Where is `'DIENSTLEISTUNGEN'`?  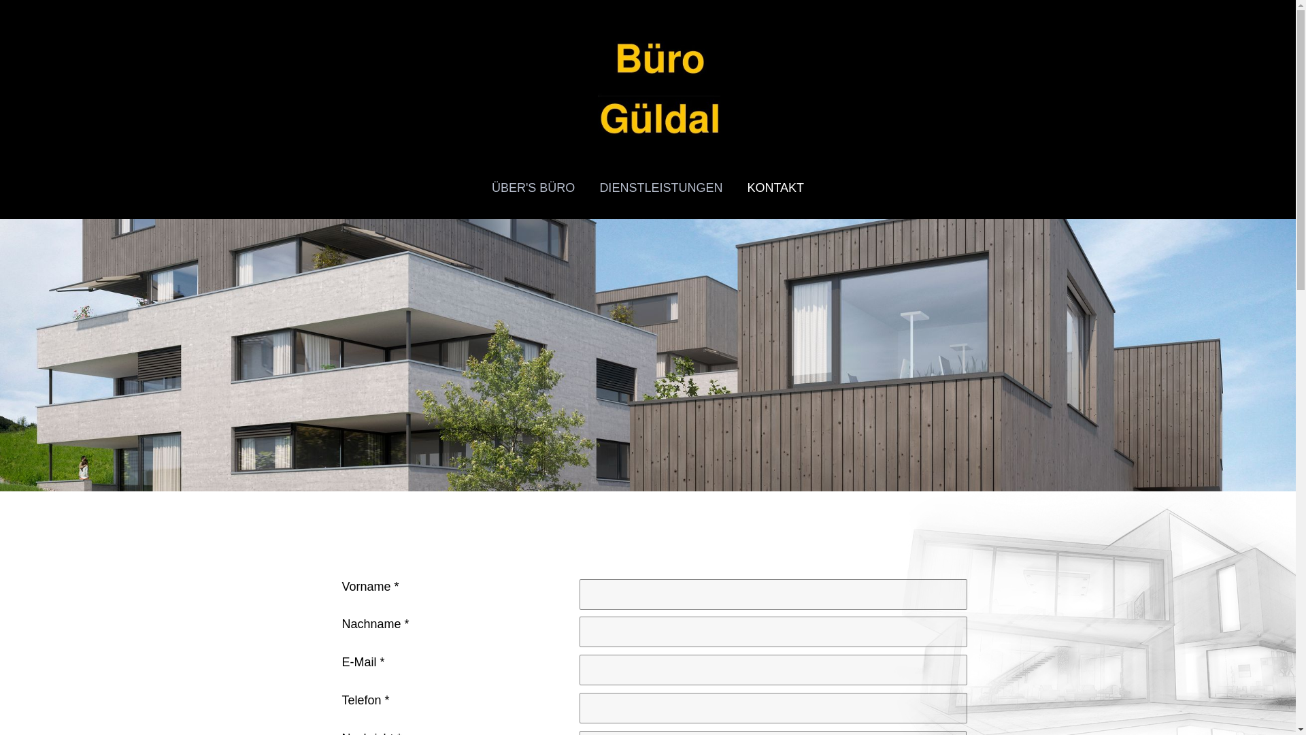
'DIENSTLEISTUNGEN' is located at coordinates (587, 188).